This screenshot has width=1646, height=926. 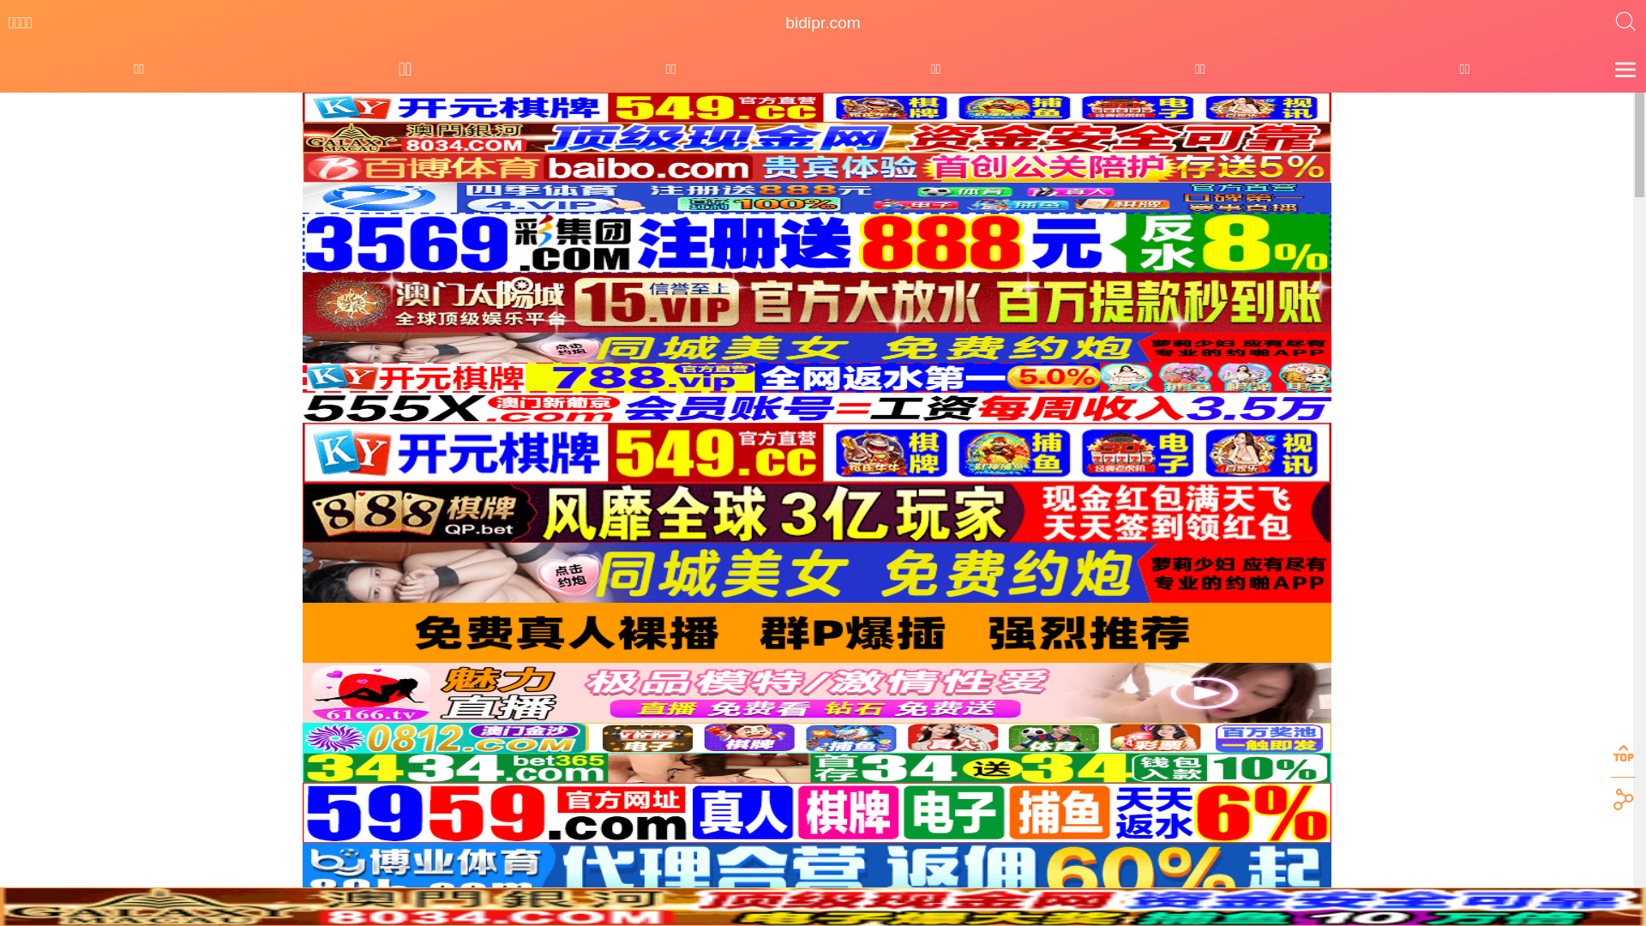 I want to click on 'bidipr.com', so click(x=821, y=23).